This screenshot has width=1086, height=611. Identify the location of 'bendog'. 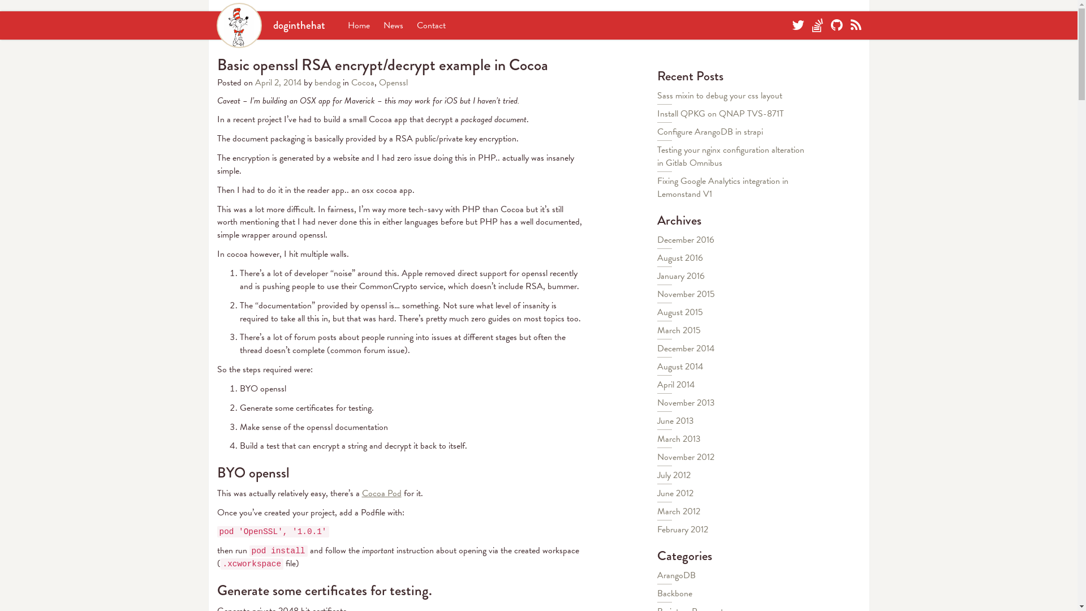
(327, 82).